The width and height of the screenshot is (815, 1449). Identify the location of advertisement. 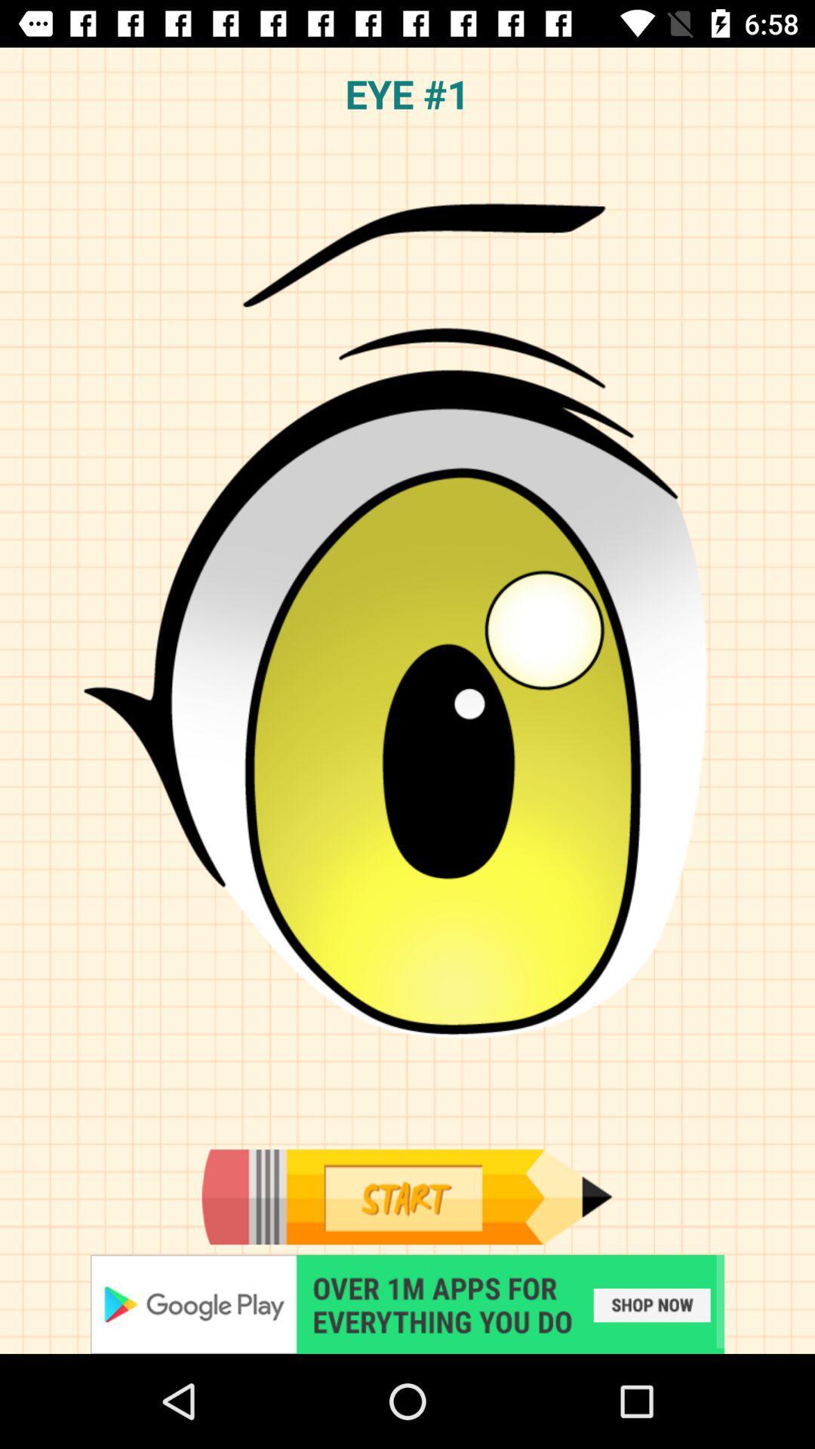
(407, 1303).